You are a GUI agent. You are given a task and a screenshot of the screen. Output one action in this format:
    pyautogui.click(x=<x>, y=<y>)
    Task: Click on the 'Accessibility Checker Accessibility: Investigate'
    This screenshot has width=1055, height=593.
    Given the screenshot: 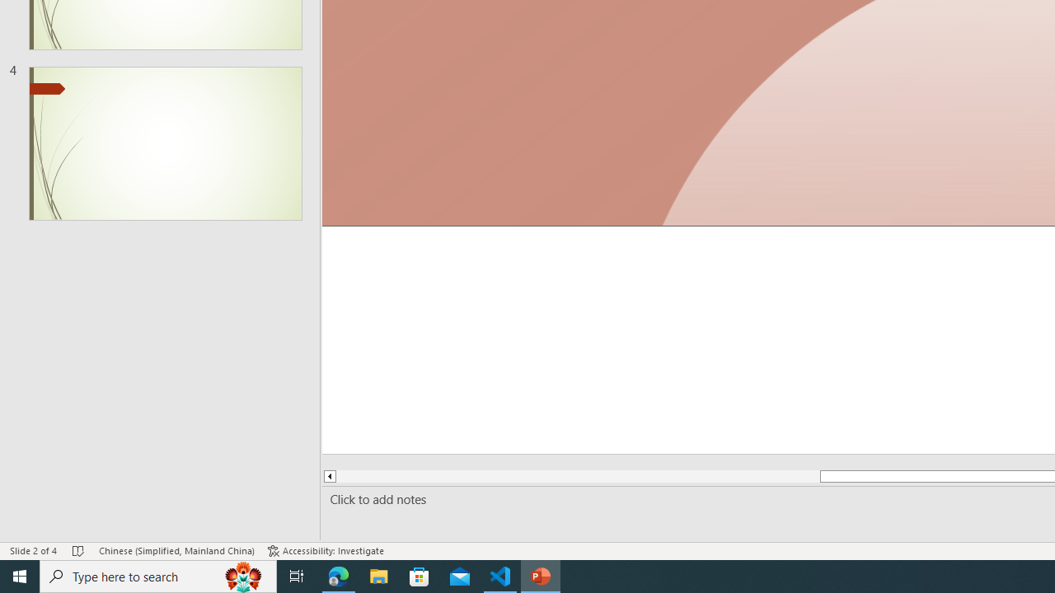 What is the action you would take?
    pyautogui.click(x=326, y=551)
    